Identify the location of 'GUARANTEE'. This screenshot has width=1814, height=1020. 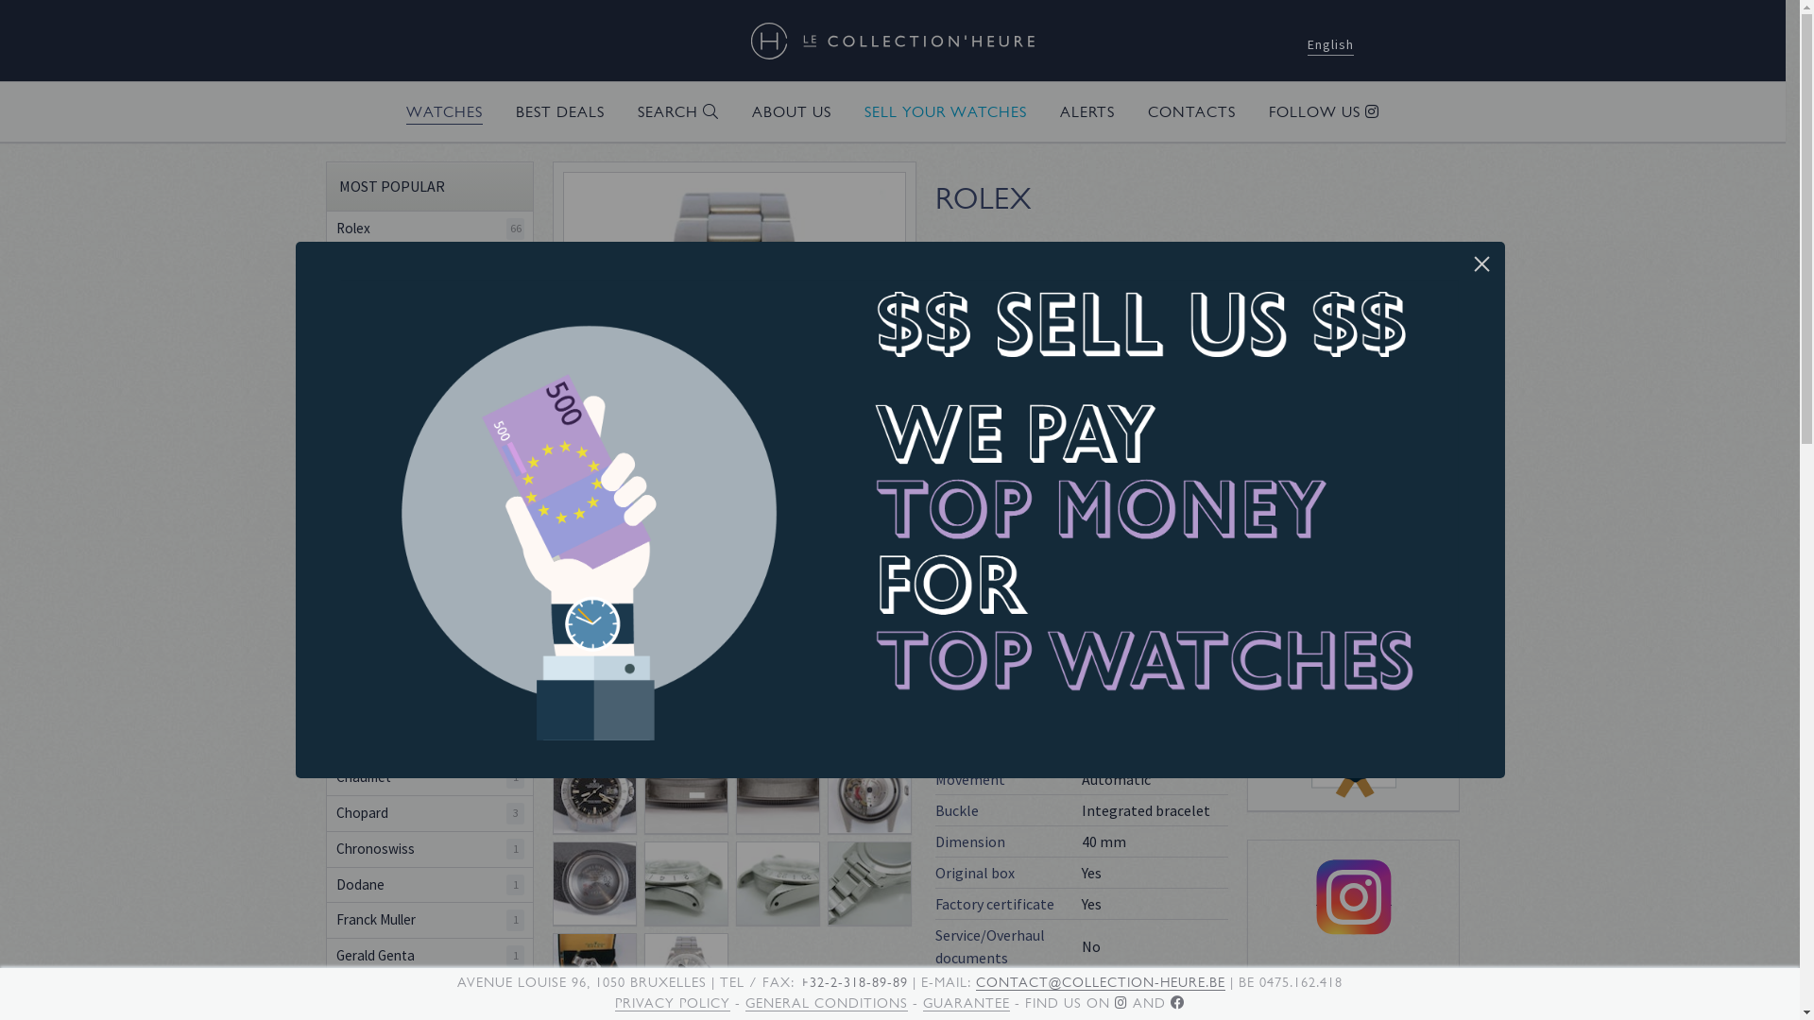
(966, 1002).